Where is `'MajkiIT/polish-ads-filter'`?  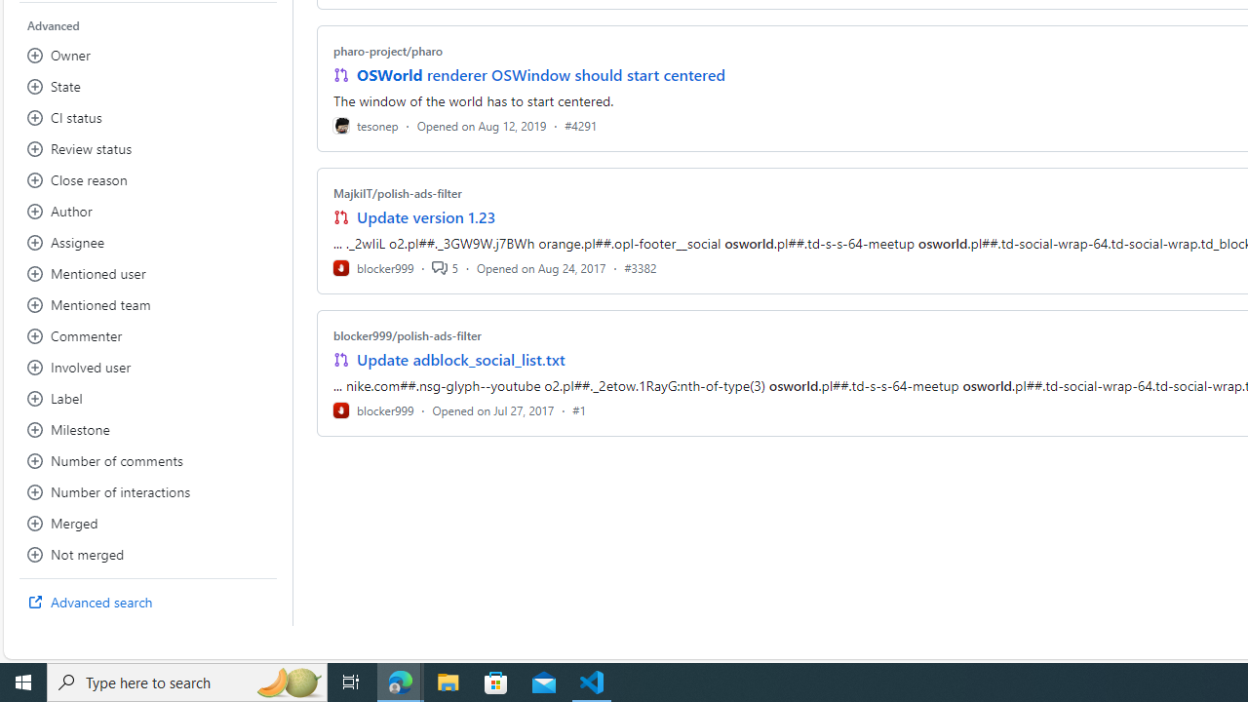
'MajkiIT/polish-ads-filter' is located at coordinates (396, 193).